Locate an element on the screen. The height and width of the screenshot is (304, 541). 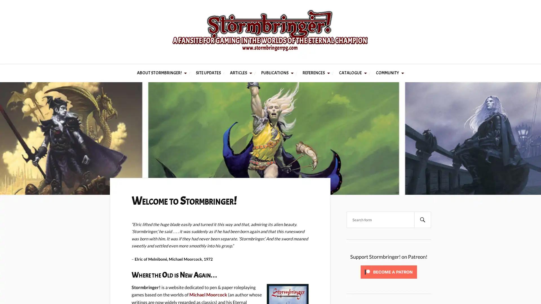
SEARCH is located at coordinates (422, 219).